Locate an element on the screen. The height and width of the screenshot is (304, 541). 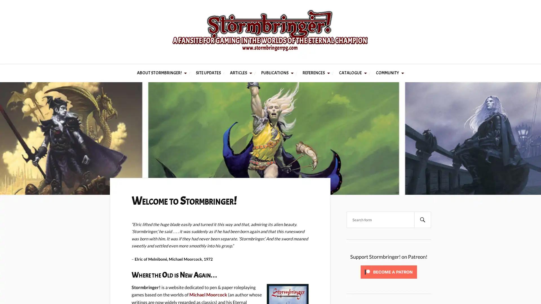
SEARCH is located at coordinates (422, 219).